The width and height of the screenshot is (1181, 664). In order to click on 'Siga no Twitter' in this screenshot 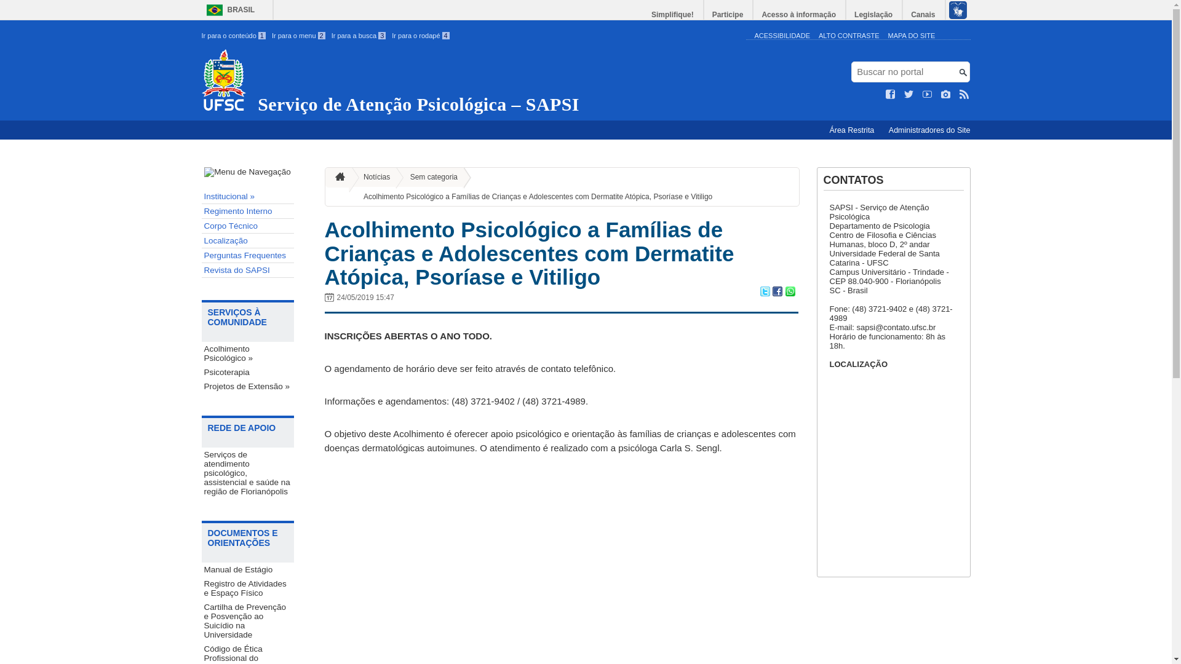, I will do `click(909, 94)`.